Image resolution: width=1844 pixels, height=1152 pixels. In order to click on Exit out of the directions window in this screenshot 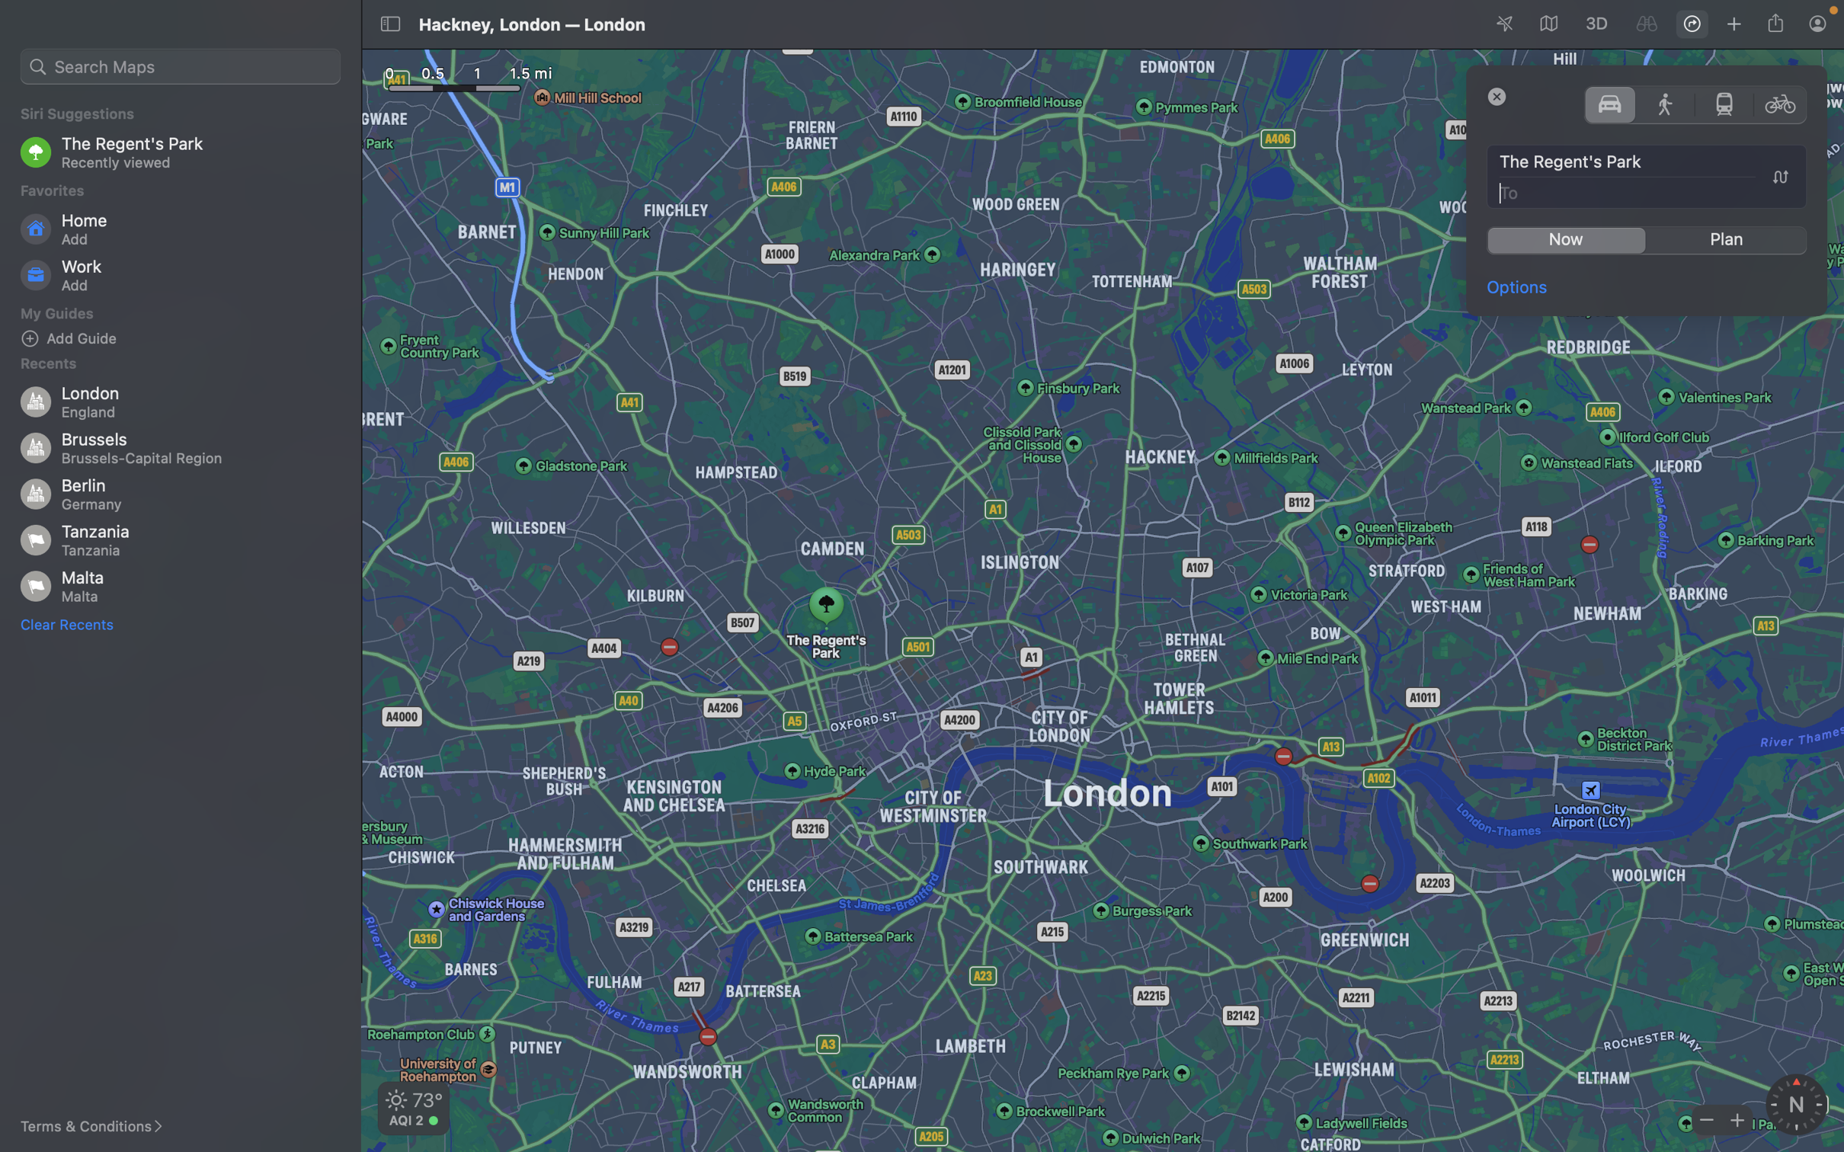, I will do `click(1497, 95)`.